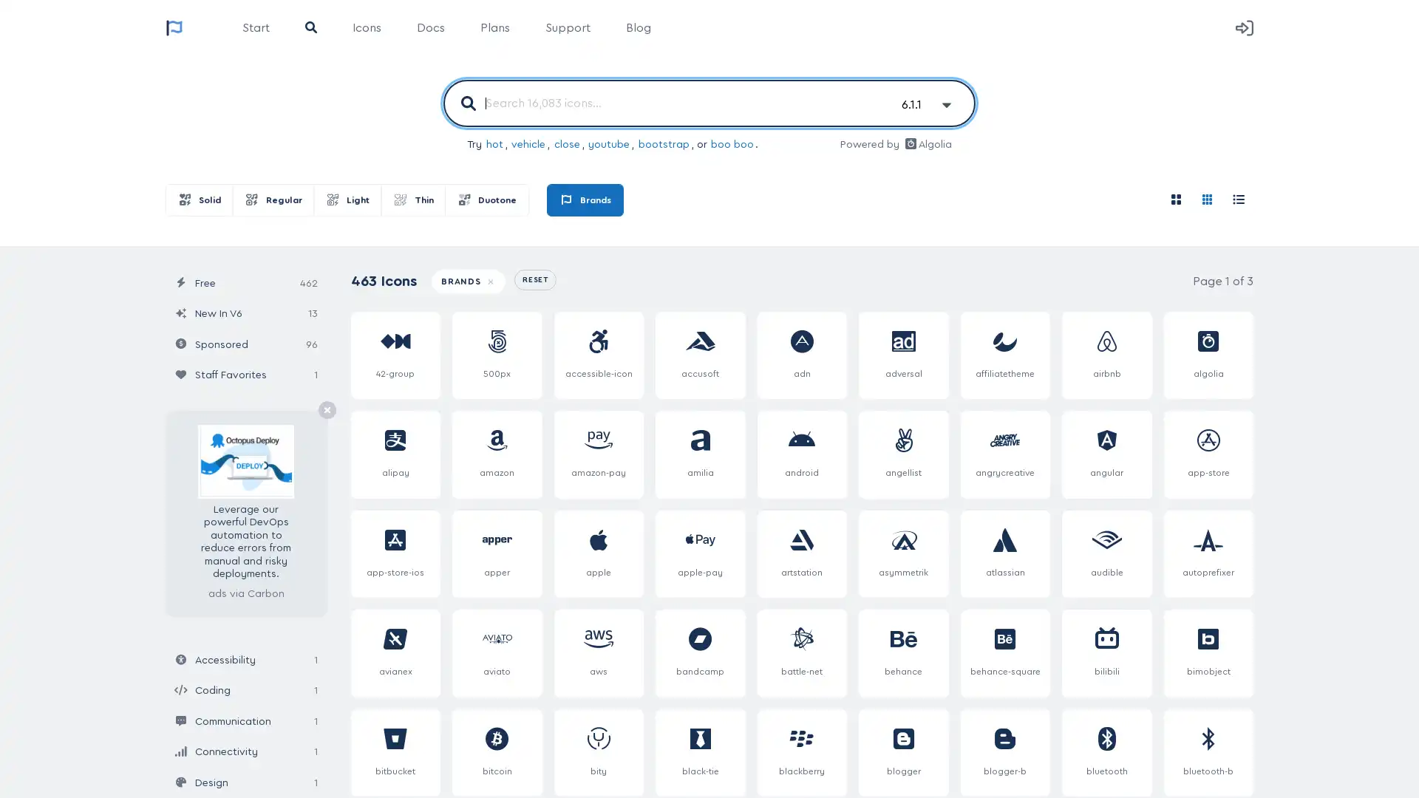 The width and height of the screenshot is (1419, 798). Describe the element at coordinates (497, 663) in the screenshot. I see `aviato` at that location.